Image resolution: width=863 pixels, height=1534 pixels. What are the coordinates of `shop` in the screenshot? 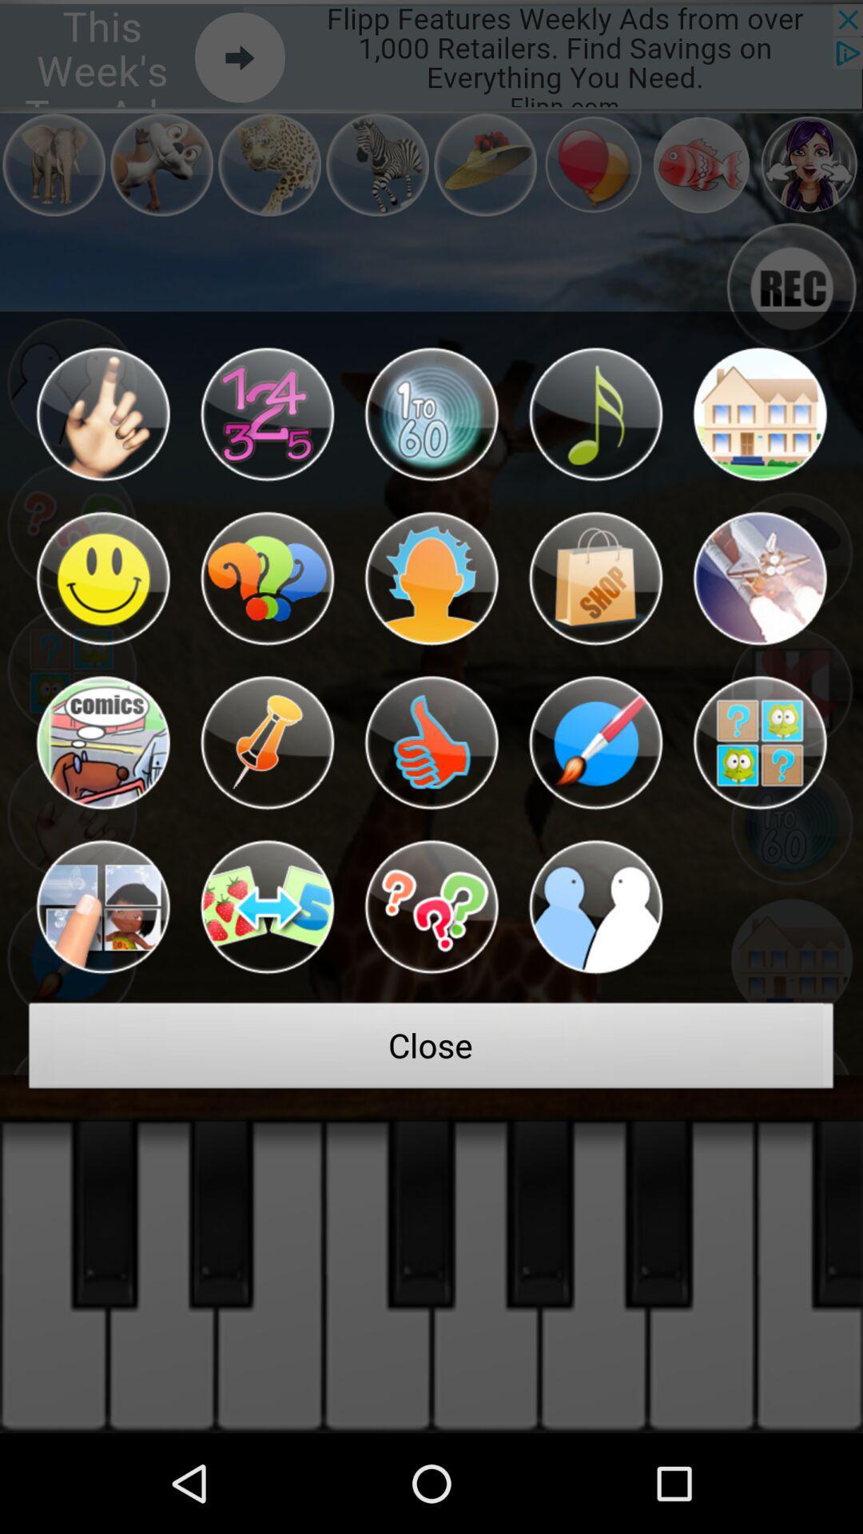 It's located at (595, 578).